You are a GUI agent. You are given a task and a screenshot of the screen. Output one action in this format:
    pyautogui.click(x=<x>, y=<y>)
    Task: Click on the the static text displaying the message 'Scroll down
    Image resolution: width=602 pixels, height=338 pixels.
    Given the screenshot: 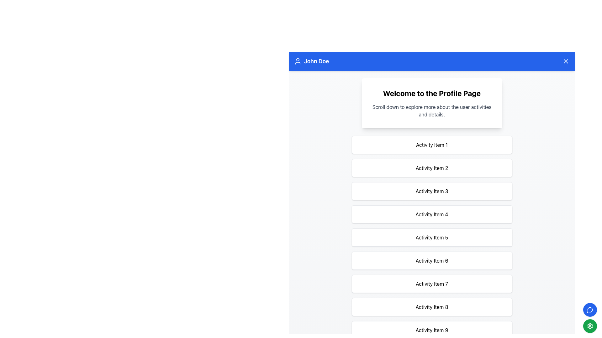 What is the action you would take?
    pyautogui.click(x=431, y=110)
    